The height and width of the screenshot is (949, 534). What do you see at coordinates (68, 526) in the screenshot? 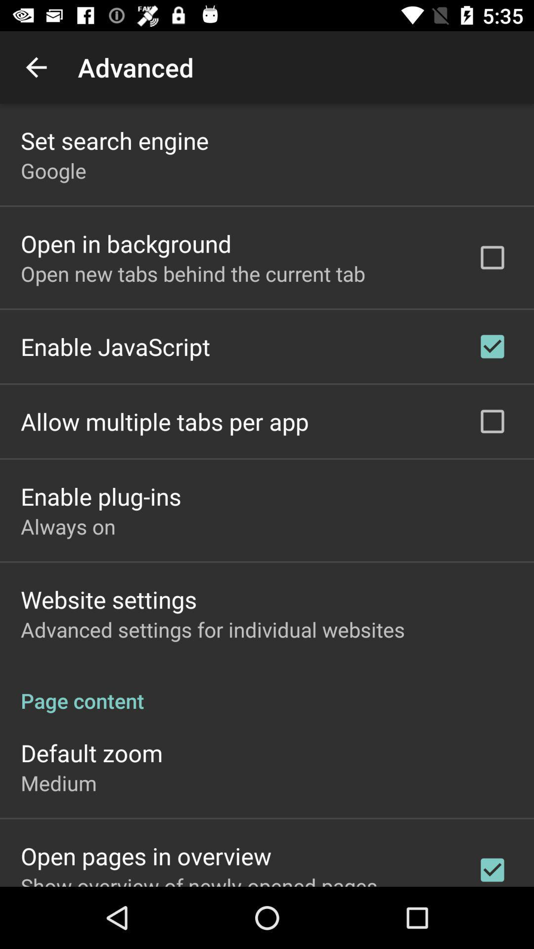
I see `the app above the website settings item` at bounding box center [68, 526].